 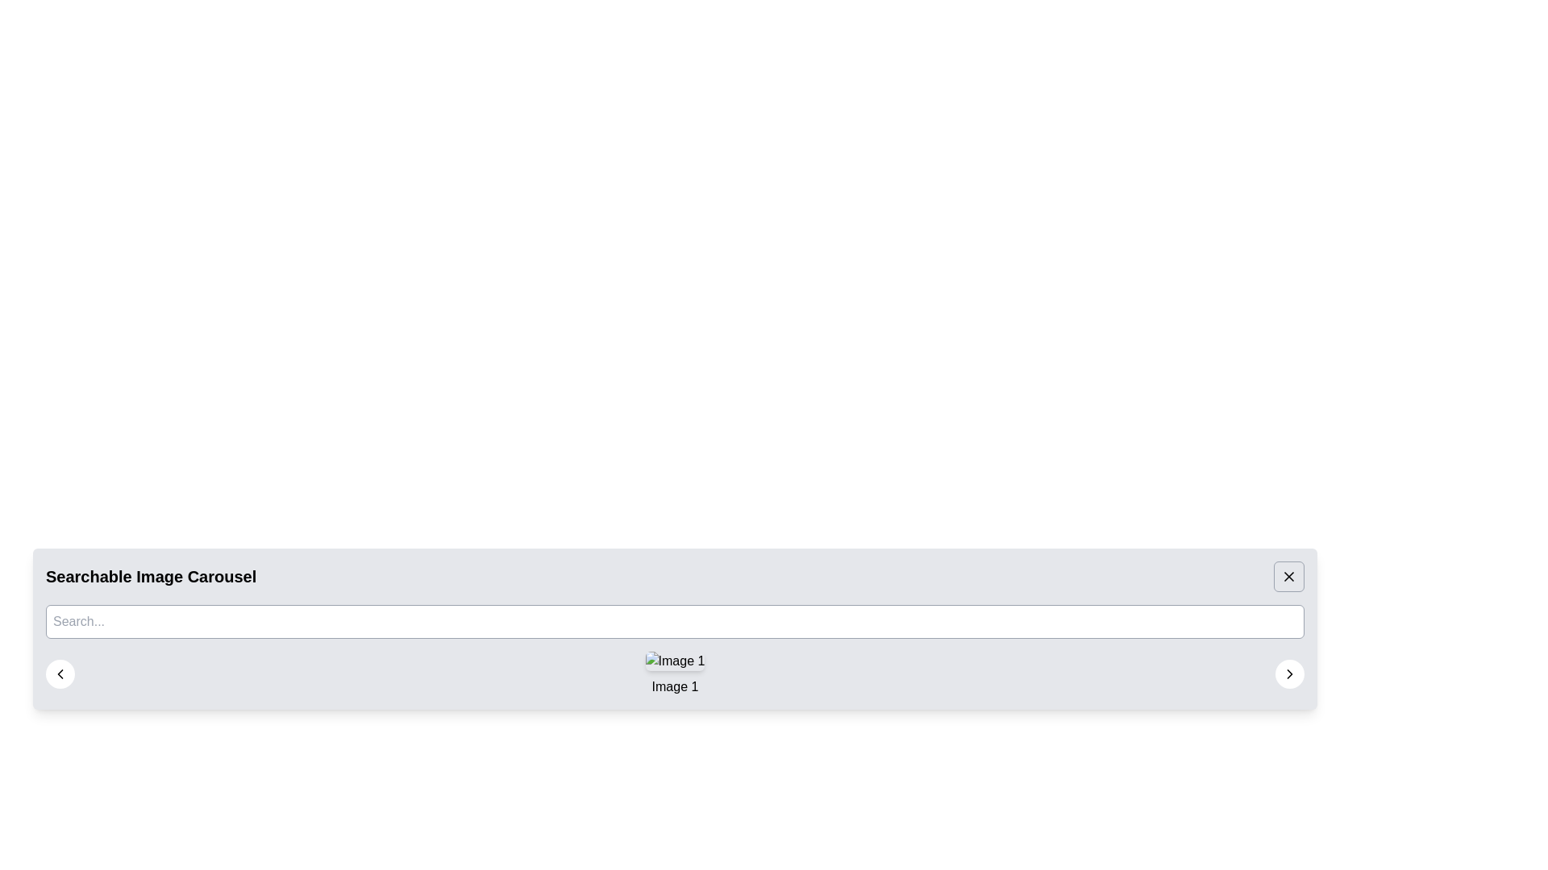 What do you see at coordinates (1288, 576) in the screenshot?
I see `the close button located in the top-right corner of the horizontal bar at the bottom of the interface` at bounding box center [1288, 576].